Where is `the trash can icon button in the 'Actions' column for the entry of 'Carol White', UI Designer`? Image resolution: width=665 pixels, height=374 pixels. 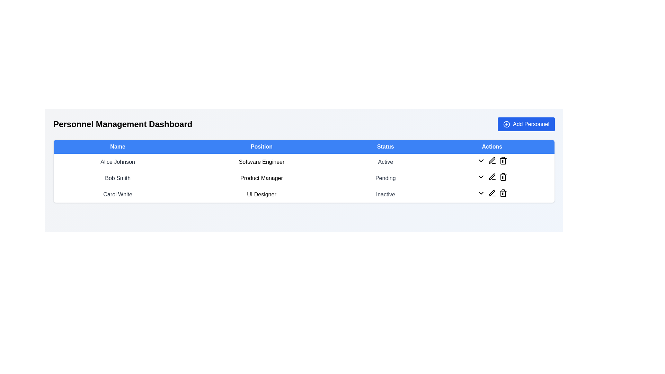 the trash can icon button in the 'Actions' column for the entry of 'Carol White', UI Designer is located at coordinates (503, 193).